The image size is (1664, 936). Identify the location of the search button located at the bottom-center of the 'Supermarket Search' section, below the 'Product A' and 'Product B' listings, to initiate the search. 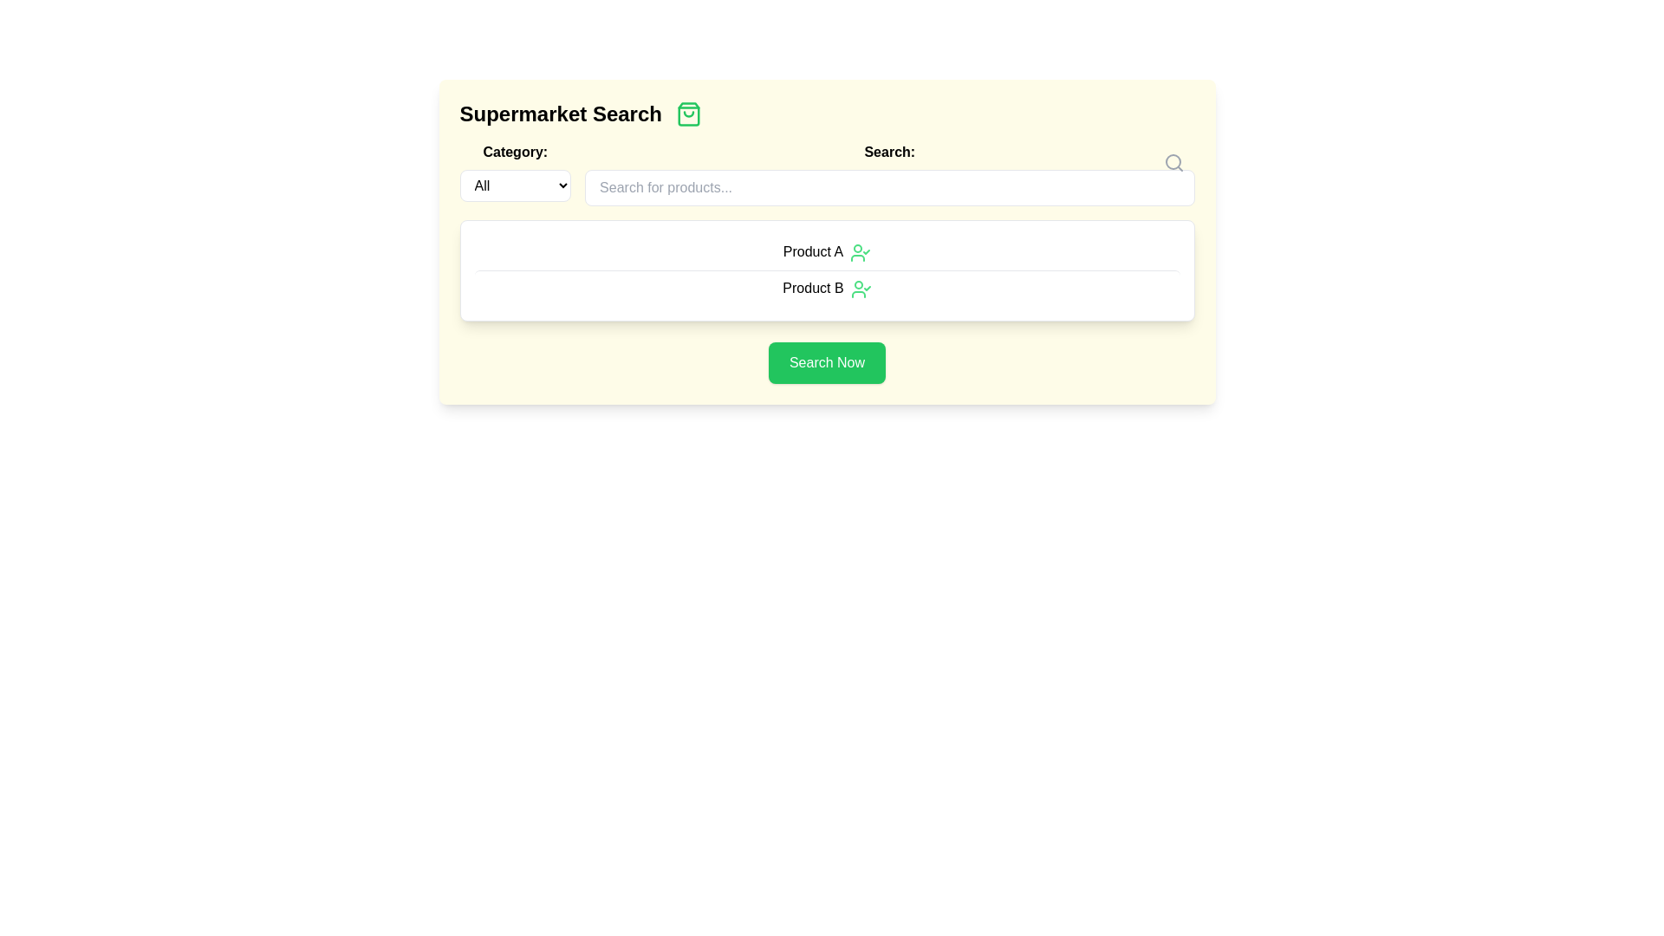
(826, 361).